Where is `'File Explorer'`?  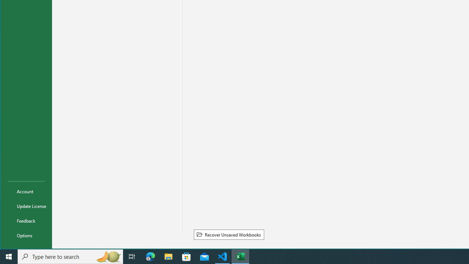
'File Explorer' is located at coordinates (168, 256).